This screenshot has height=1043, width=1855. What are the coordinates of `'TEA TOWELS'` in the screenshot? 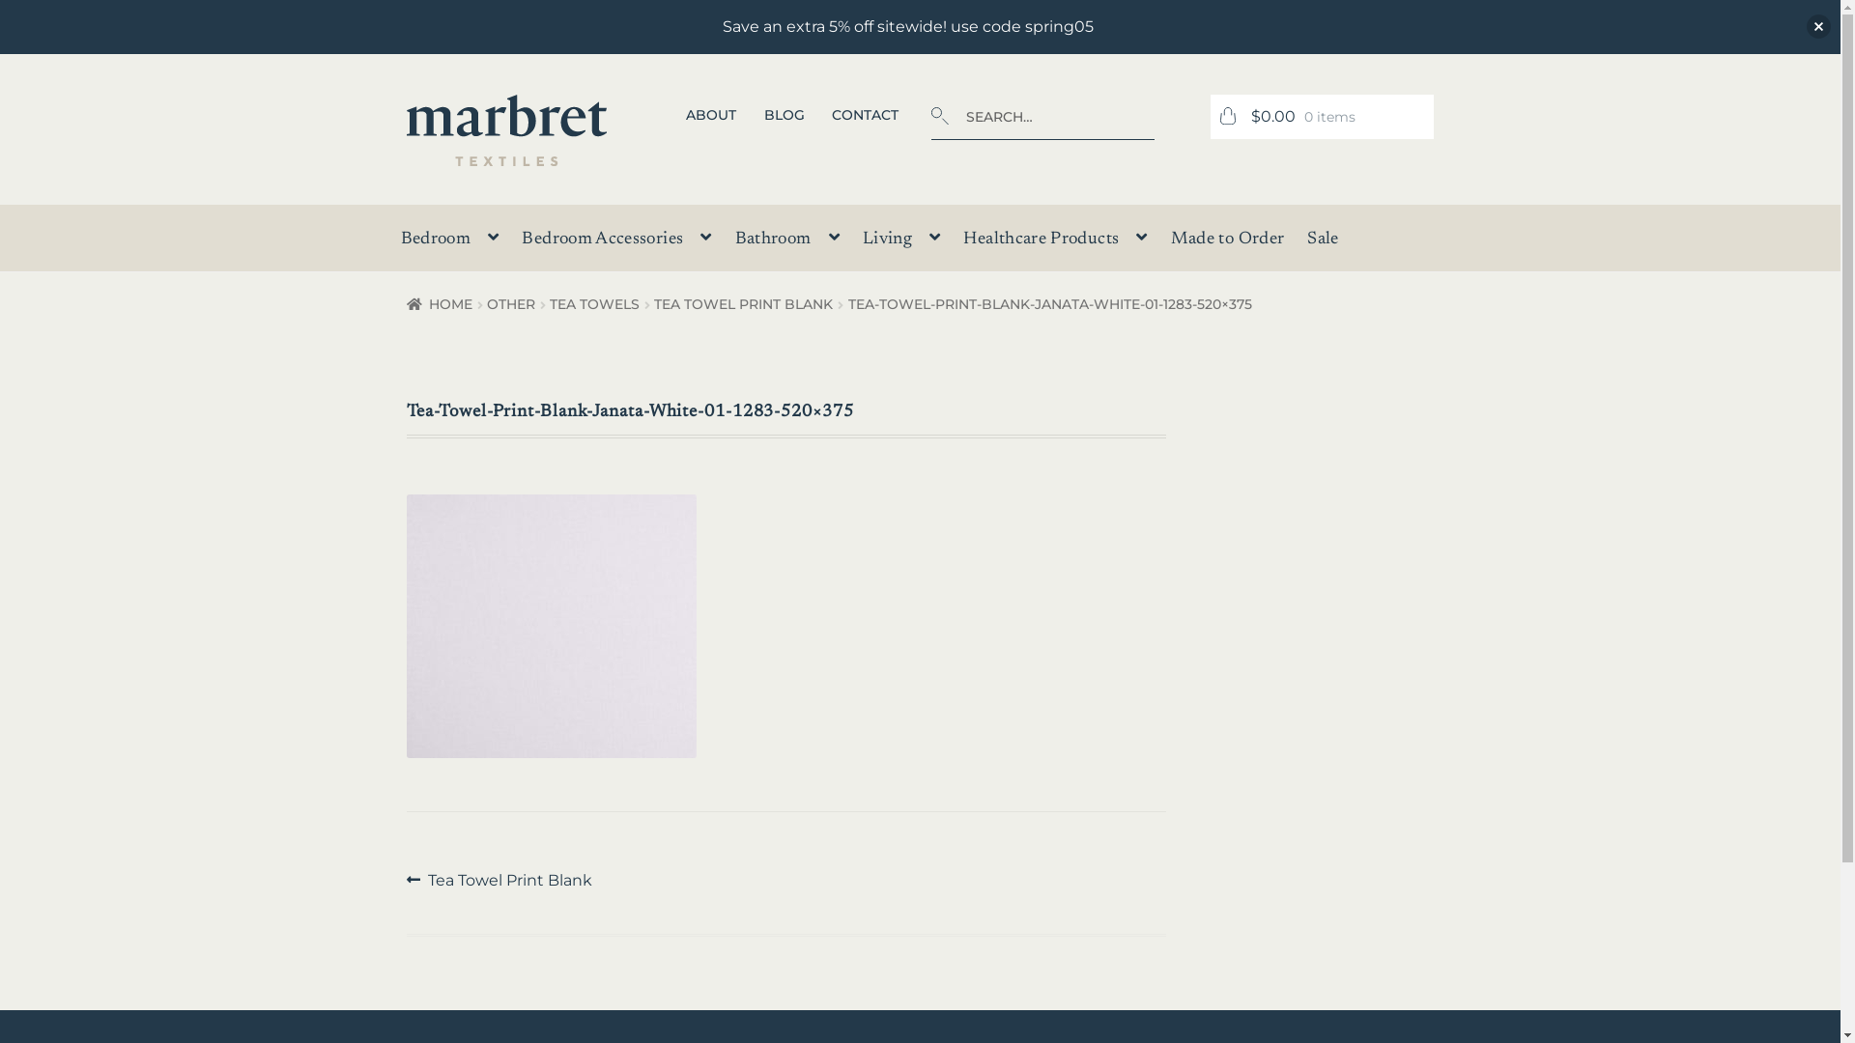 It's located at (549, 304).